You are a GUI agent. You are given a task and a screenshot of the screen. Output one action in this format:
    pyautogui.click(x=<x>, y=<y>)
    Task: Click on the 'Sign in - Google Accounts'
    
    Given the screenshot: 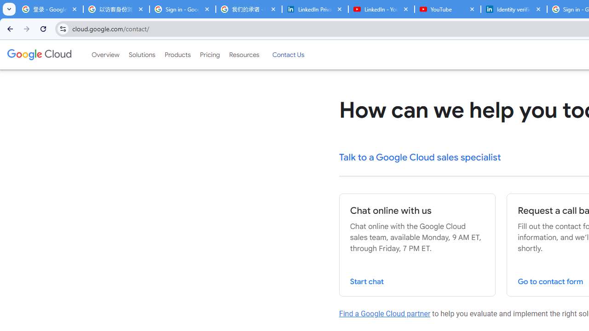 What is the action you would take?
    pyautogui.click(x=182, y=9)
    